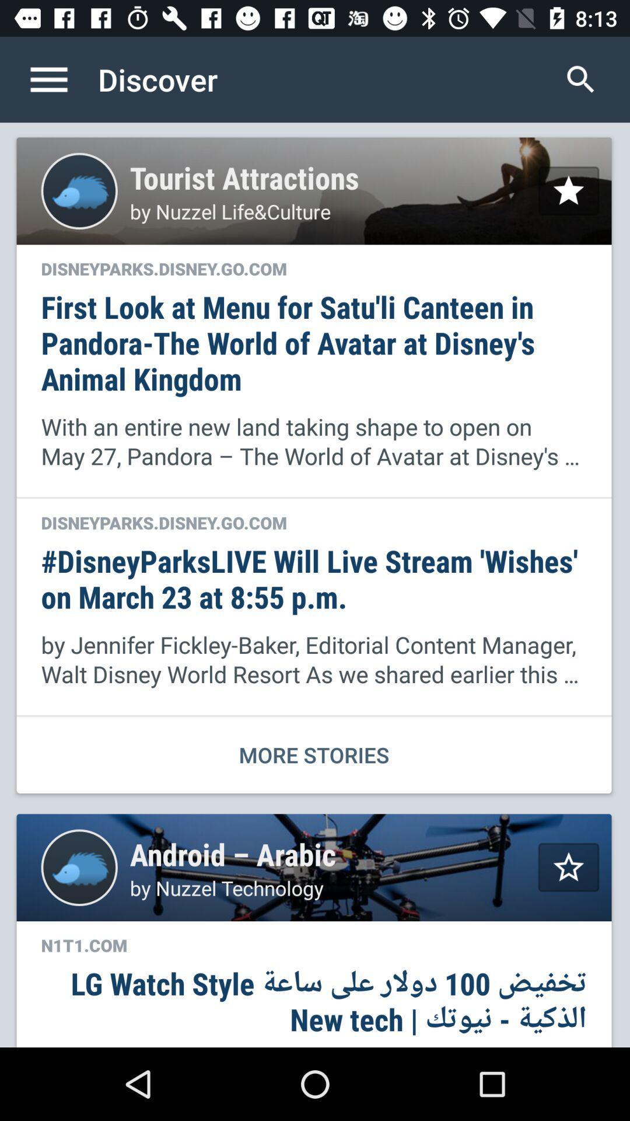 The width and height of the screenshot is (630, 1121). What do you see at coordinates (61, 79) in the screenshot?
I see `the icon to the left of the discover item` at bounding box center [61, 79].